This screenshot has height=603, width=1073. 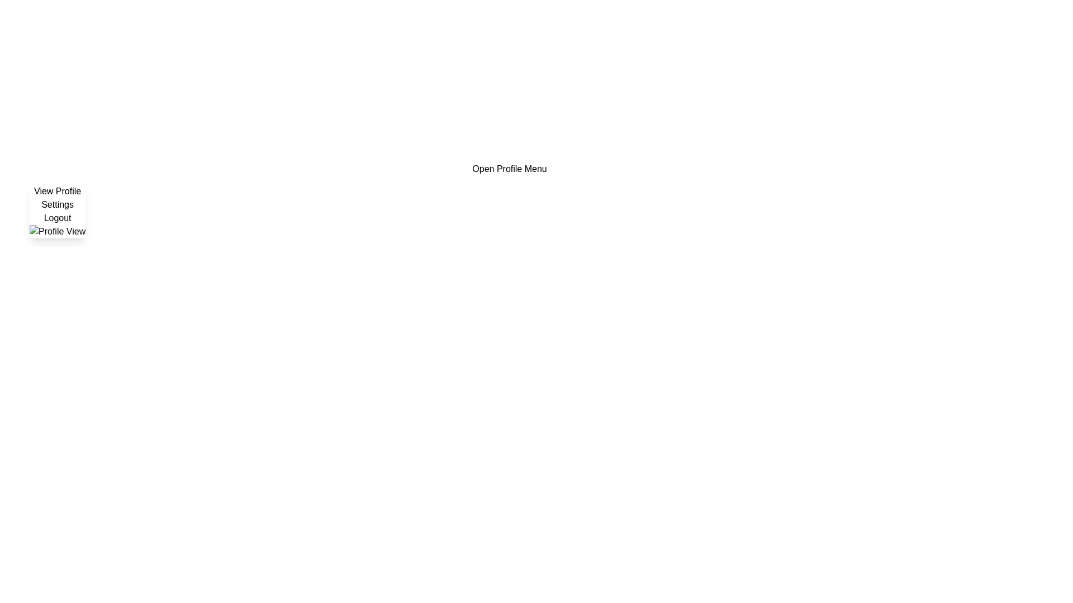 What do you see at coordinates (57, 231) in the screenshot?
I see `the 'Profile View' image located at the bottom of the menu, beneath 'Logout' and 'Settings'` at bounding box center [57, 231].